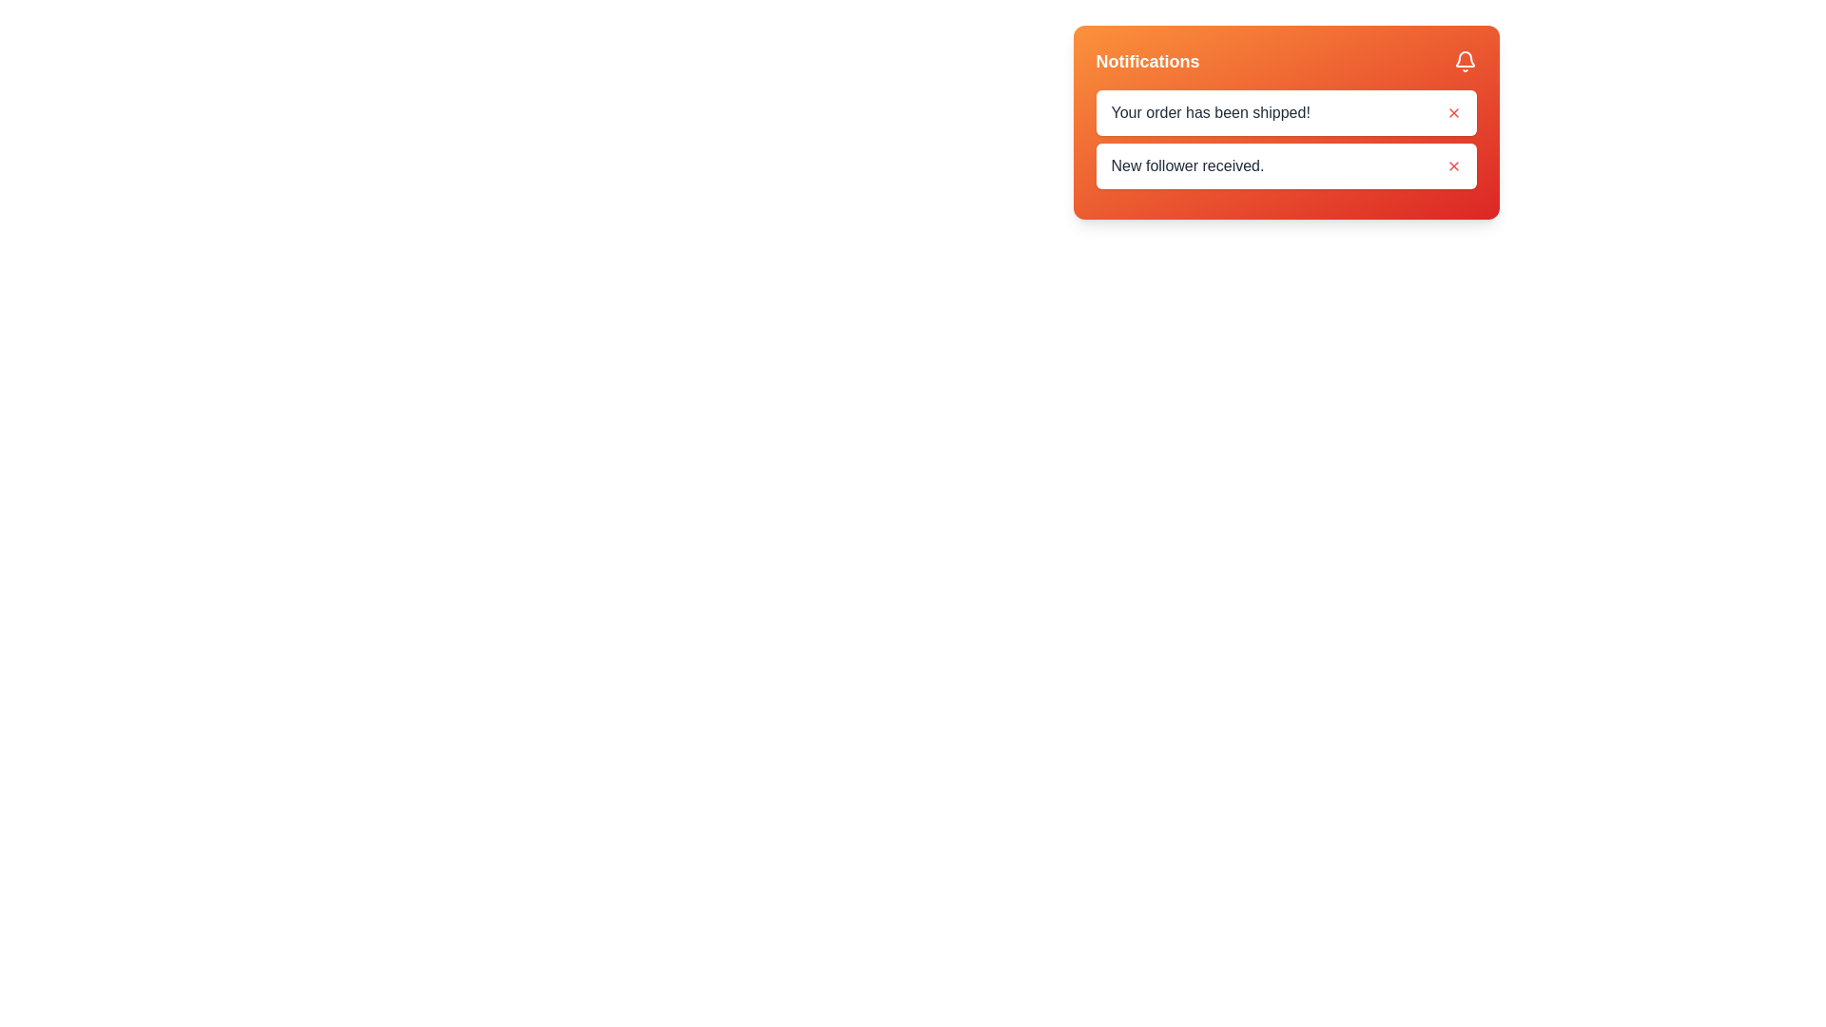 The height and width of the screenshot is (1027, 1826). I want to click on the close button located on the far right of the notification message titled 'Your order has been shipped!', so click(1452, 113).